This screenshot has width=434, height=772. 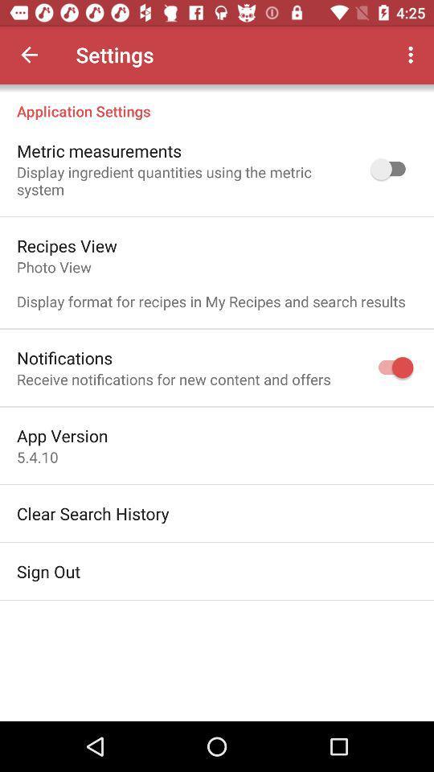 What do you see at coordinates (37, 457) in the screenshot?
I see `the item below app version` at bounding box center [37, 457].